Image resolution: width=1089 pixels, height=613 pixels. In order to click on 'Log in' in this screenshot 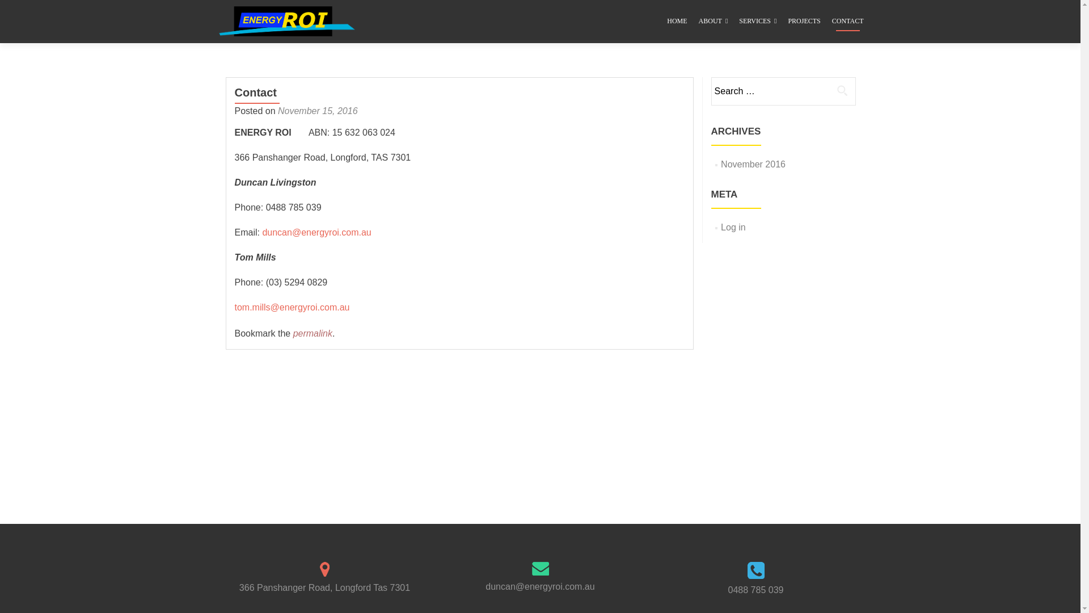, I will do `click(733, 227)`.